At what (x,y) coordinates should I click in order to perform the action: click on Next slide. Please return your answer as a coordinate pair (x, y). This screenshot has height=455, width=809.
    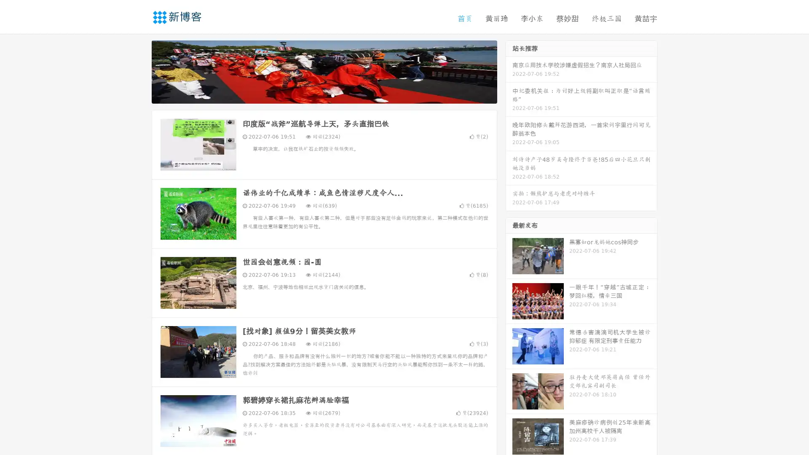
    Looking at the image, I should click on (509, 71).